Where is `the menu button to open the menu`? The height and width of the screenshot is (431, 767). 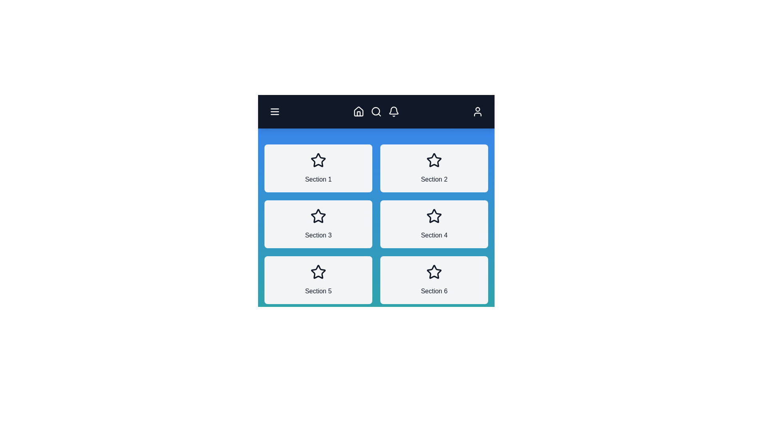
the menu button to open the menu is located at coordinates (274, 112).